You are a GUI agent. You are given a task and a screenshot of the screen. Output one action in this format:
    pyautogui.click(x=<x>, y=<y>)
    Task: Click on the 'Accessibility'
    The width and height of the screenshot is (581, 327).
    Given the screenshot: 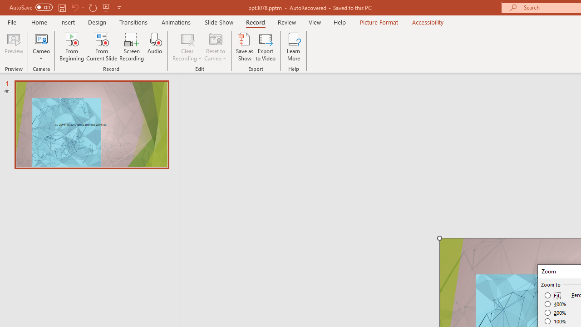 What is the action you would take?
    pyautogui.click(x=427, y=22)
    